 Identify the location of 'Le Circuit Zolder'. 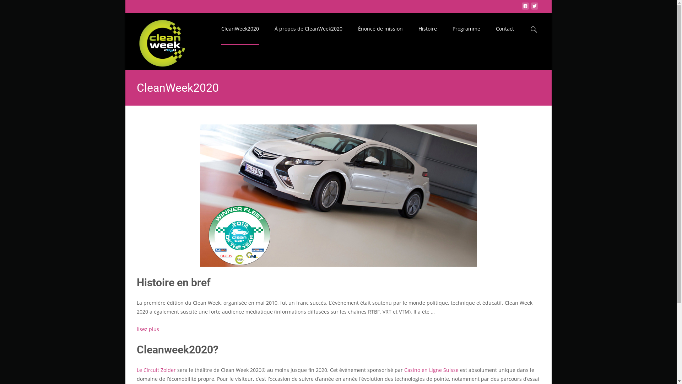
(155, 369).